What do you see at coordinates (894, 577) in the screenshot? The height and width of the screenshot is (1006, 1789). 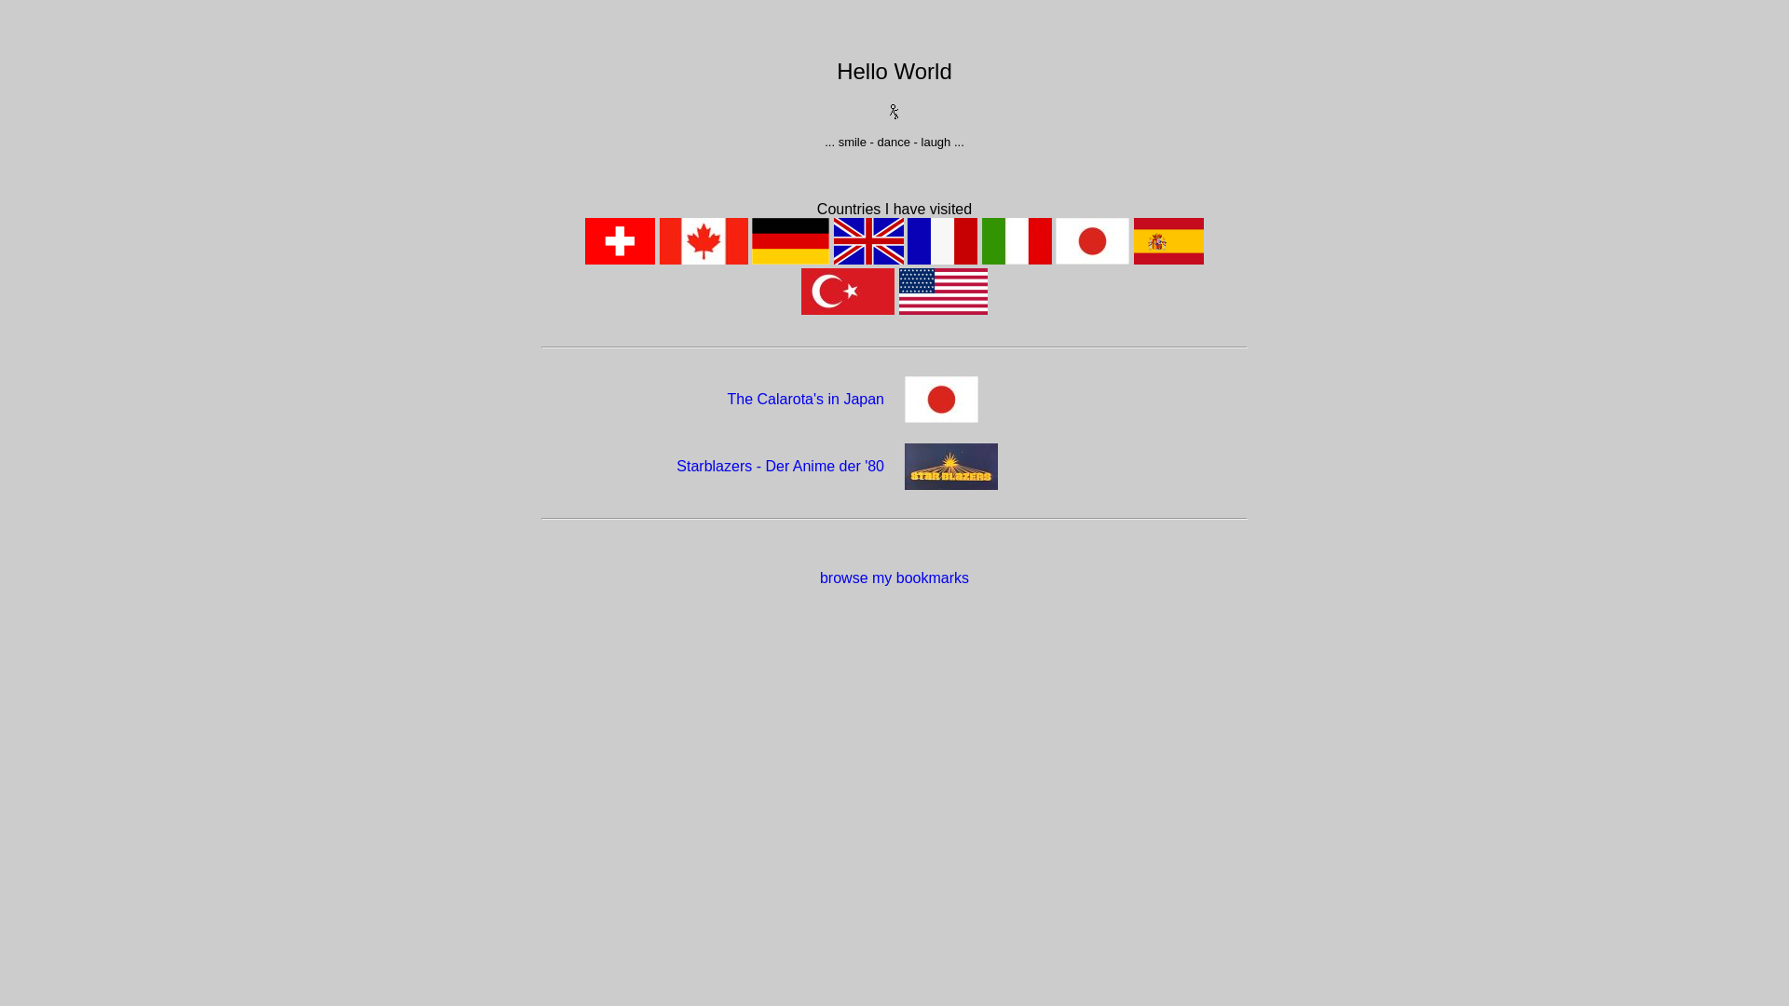 I see `'browse my bookmarks'` at bounding box center [894, 577].